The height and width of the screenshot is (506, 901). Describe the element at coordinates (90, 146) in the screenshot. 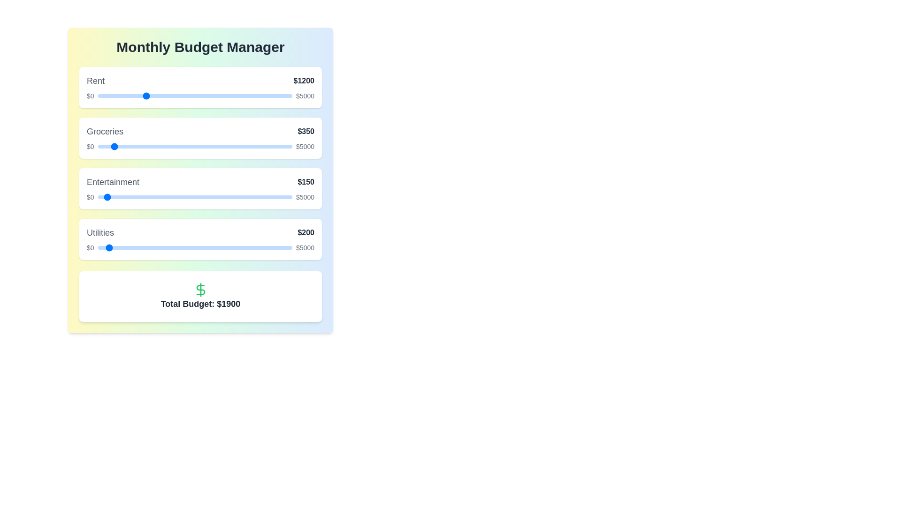

I see `the small text label displaying the value '$0', which is located on the left of the central slider and aligns with related elements` at that location.